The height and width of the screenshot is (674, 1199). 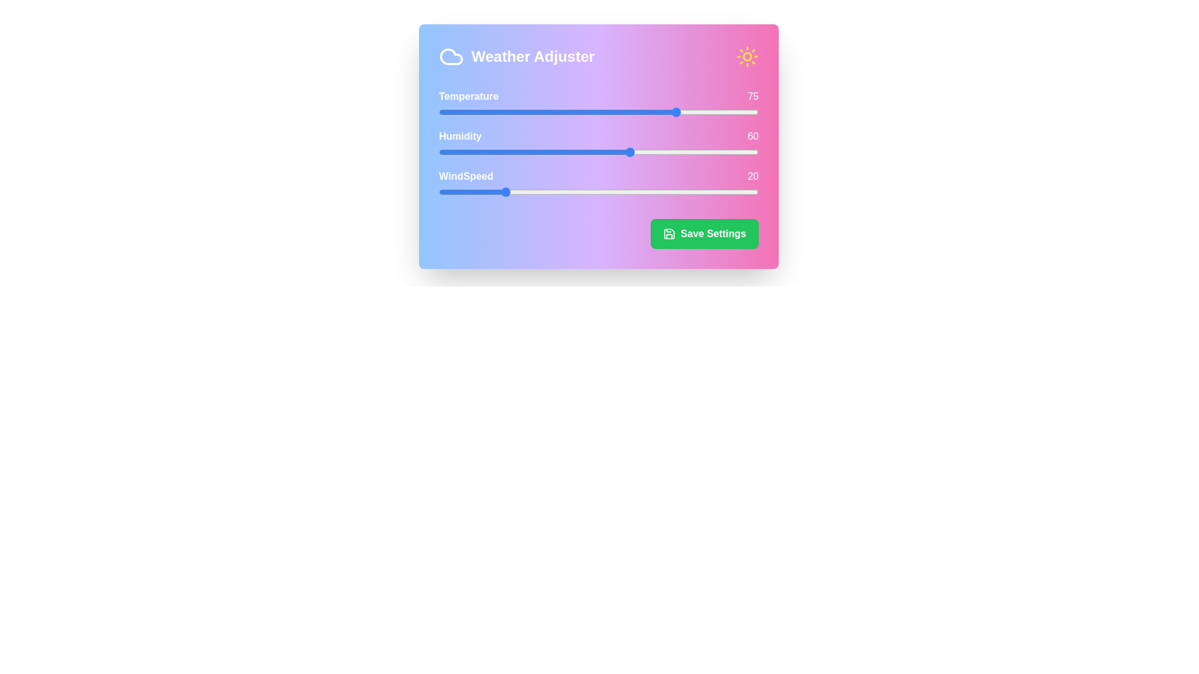 I want to click on the temperature slider, so click(x=544, y=112).